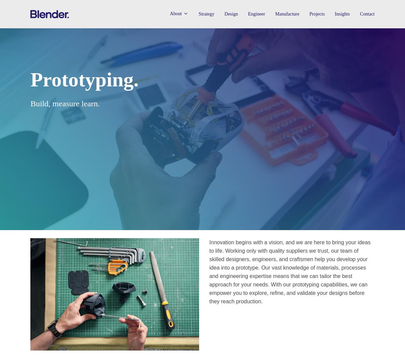 The height and width of the screenshot is (361, 405). I want to click on 'Insights', so click(342, 13).